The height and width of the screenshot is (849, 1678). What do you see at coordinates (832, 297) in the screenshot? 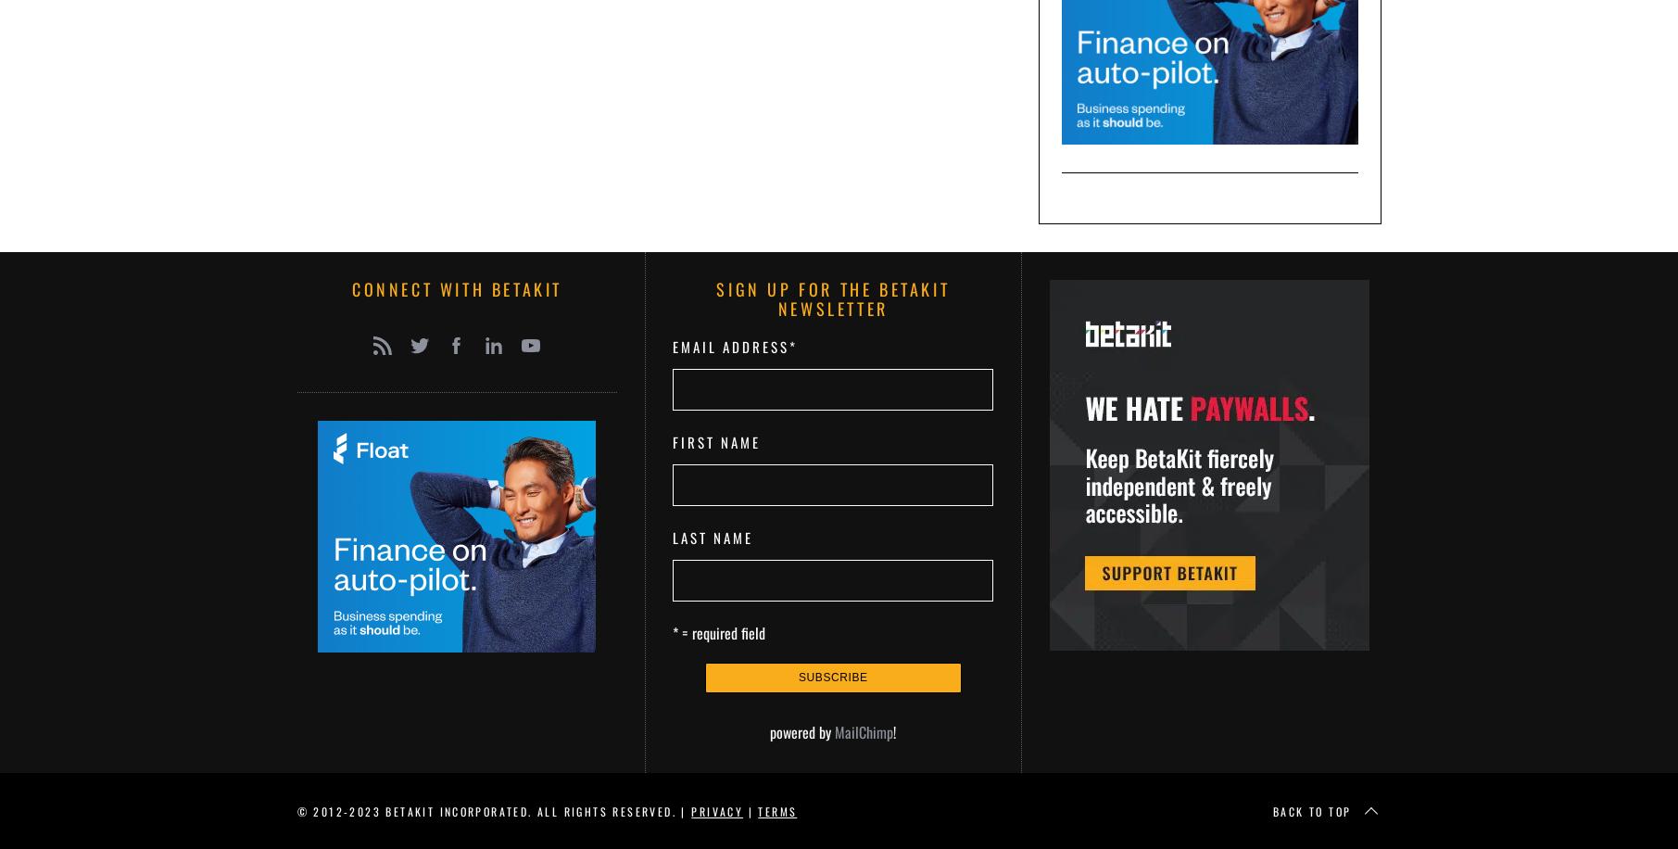
I see `'Sign up for the BetaKit Newsletter'` at bounding box center [832, 297].